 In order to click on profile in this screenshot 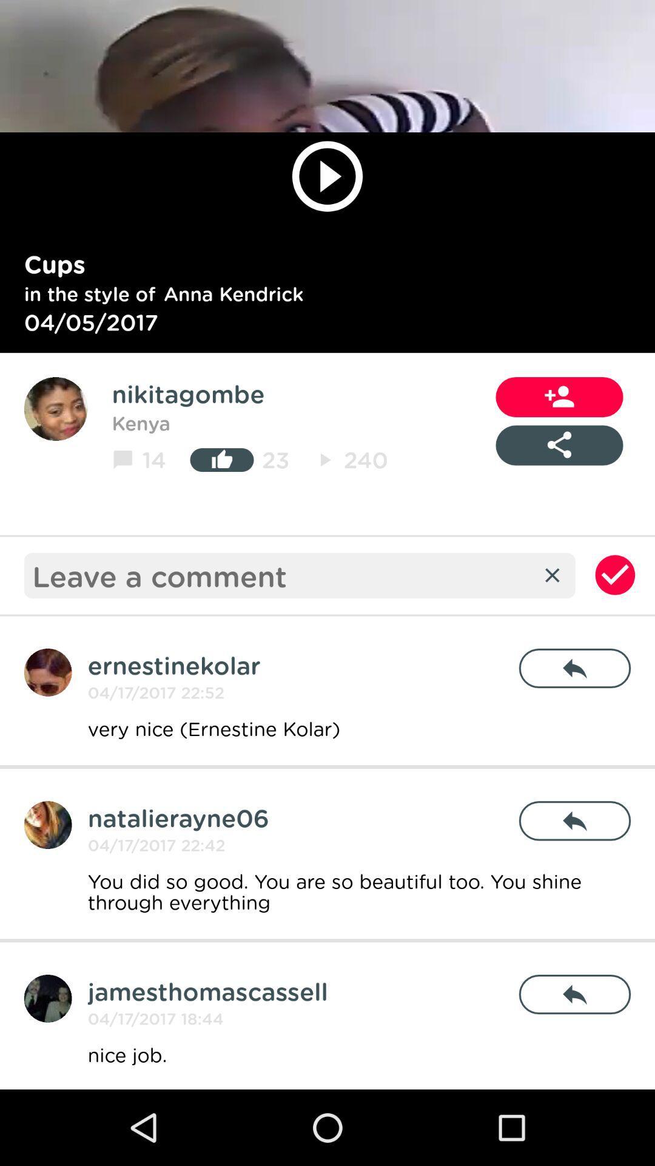, I will do `click(56, 409)`.